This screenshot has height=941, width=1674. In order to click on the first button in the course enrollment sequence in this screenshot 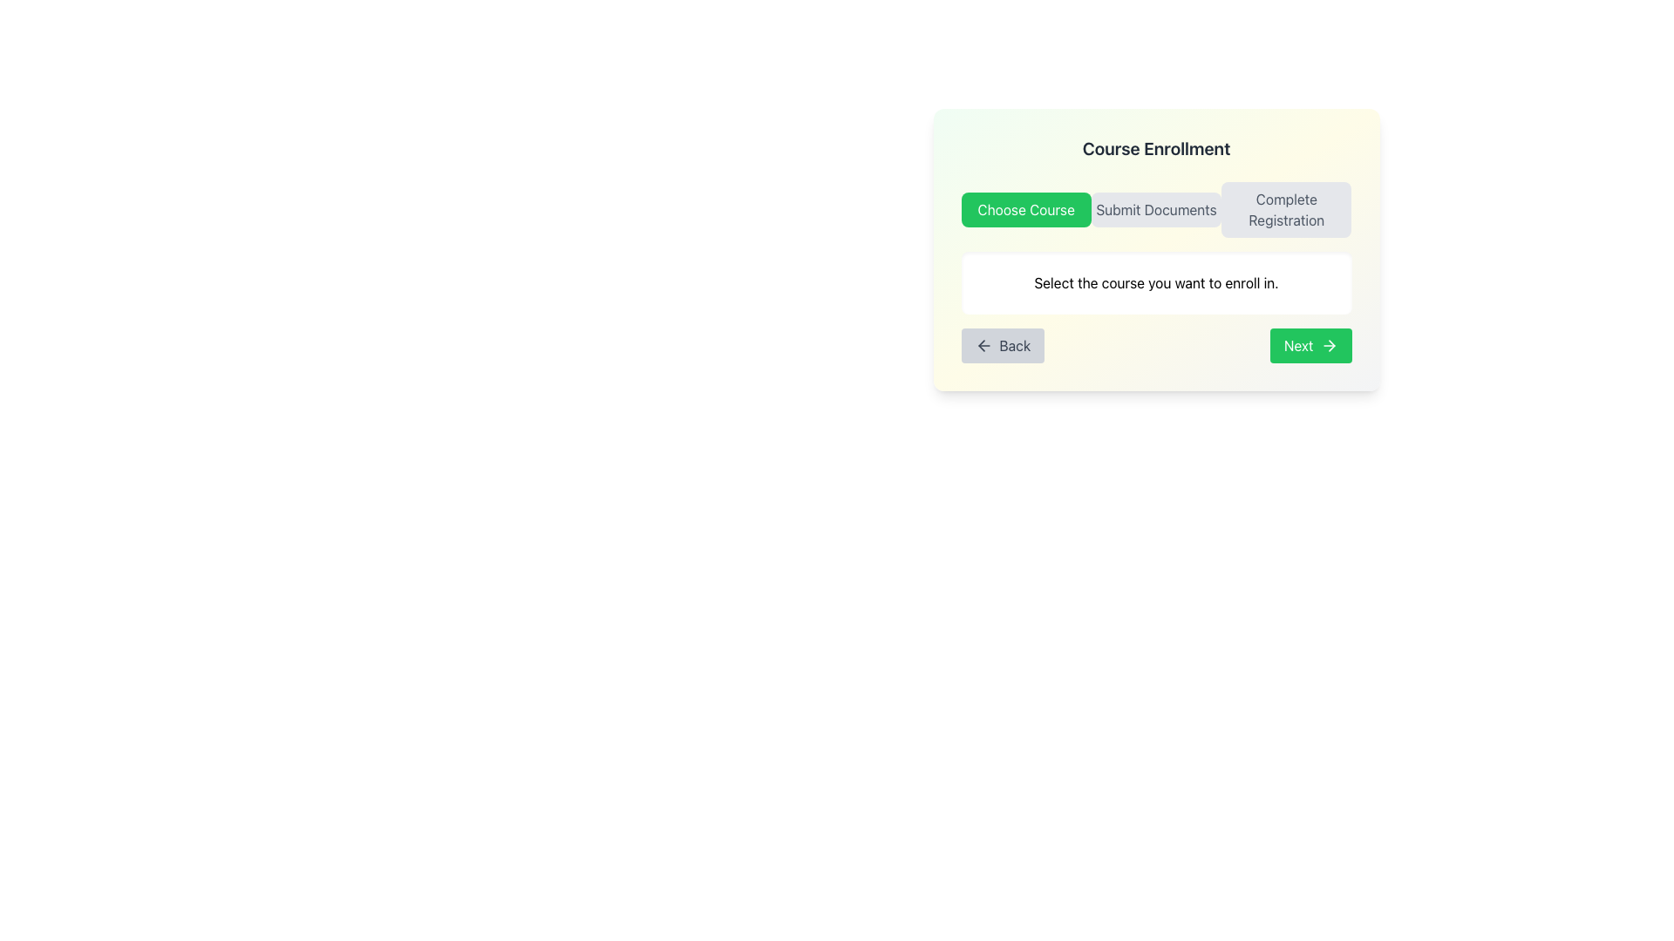, I will do `click(1026, 208)`.